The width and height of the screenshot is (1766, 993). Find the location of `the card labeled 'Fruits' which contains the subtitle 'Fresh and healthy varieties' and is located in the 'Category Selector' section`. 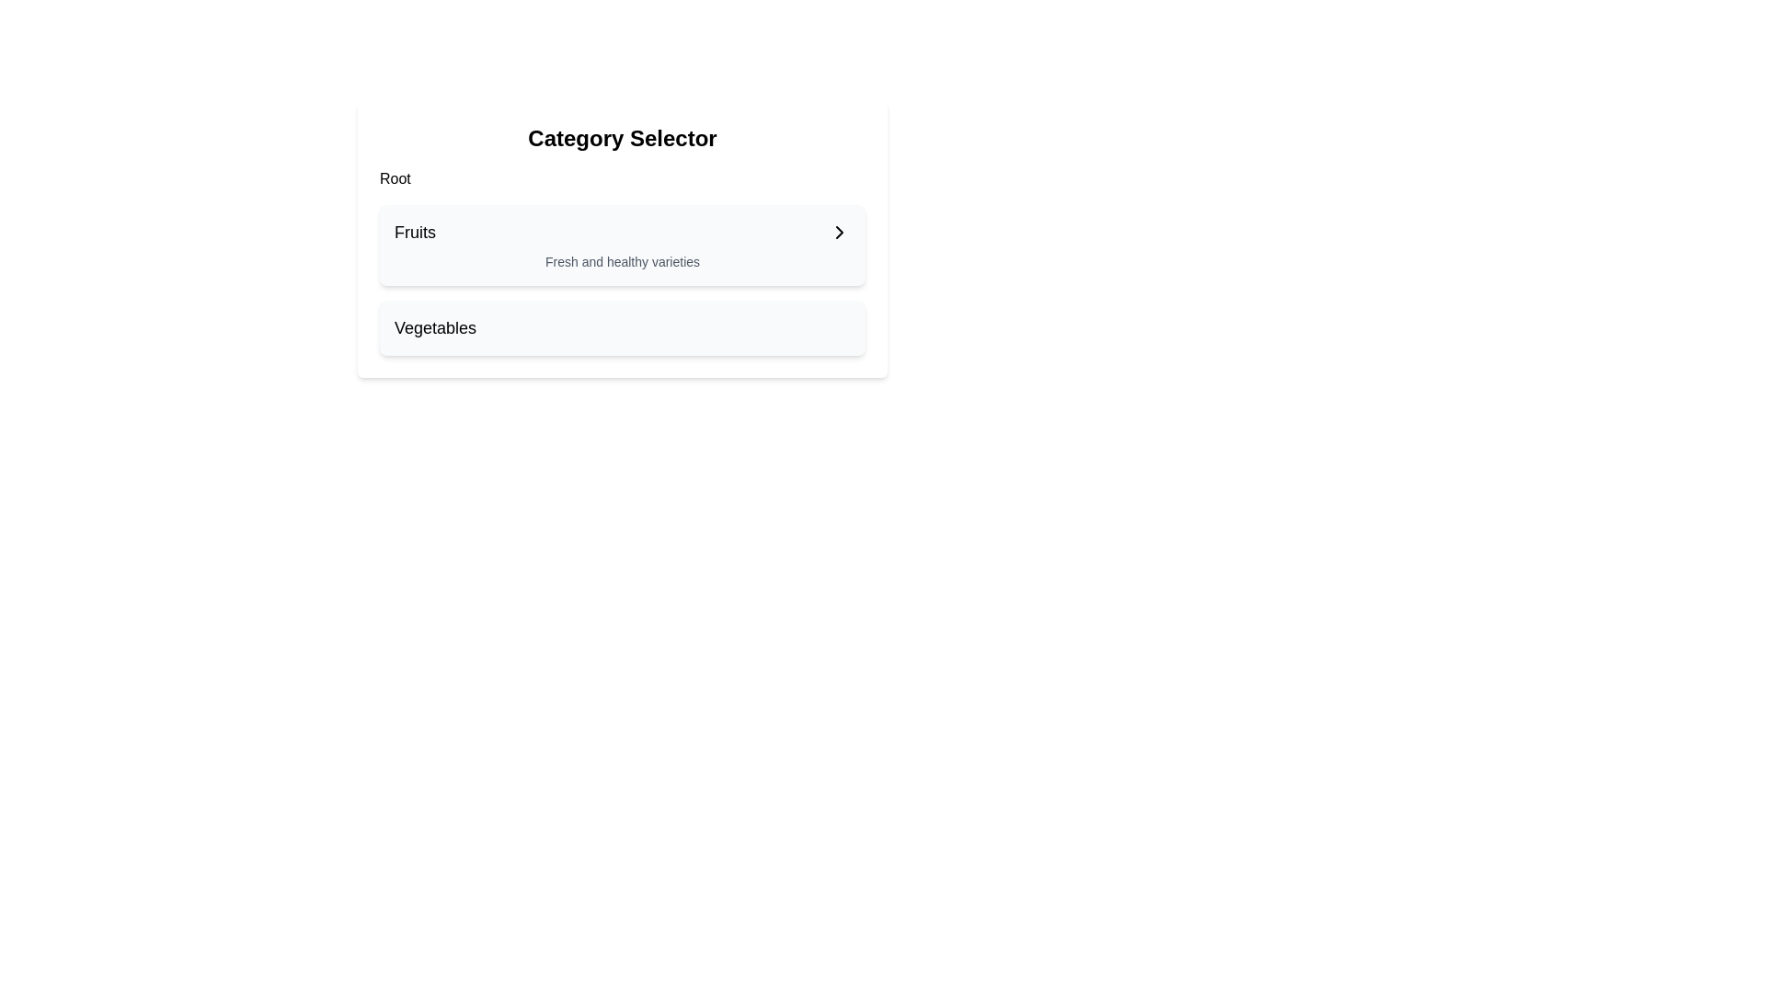

the card labeled 'Fruits' which contains the subtitle 'Fresh and healthy varieties' and is located in the 'Category Selector' section is located at coordinates (622, 280).